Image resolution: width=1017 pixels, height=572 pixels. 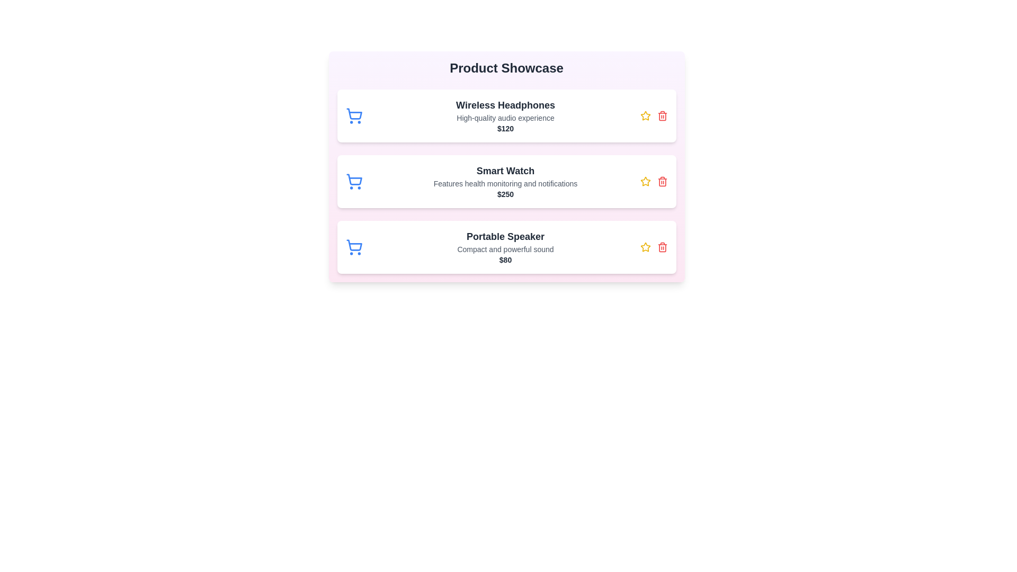 What do you see at coordinates (354, 116) in the screenshot?
I see `the shopping cart icon for the product Wireless Headphones` at bounding box center [354, 116].